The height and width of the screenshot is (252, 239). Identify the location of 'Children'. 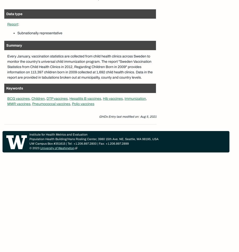
(31, 99).